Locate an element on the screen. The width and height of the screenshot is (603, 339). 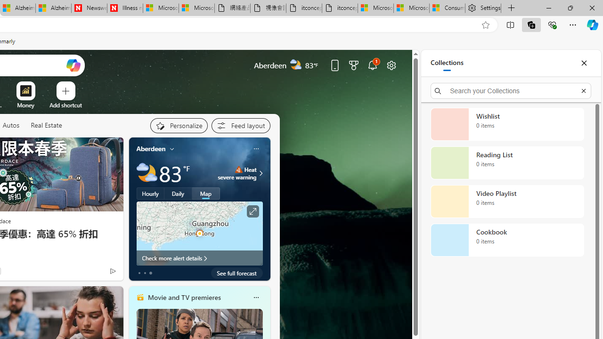
'Feed settings' is located at coordinates (240, 125).